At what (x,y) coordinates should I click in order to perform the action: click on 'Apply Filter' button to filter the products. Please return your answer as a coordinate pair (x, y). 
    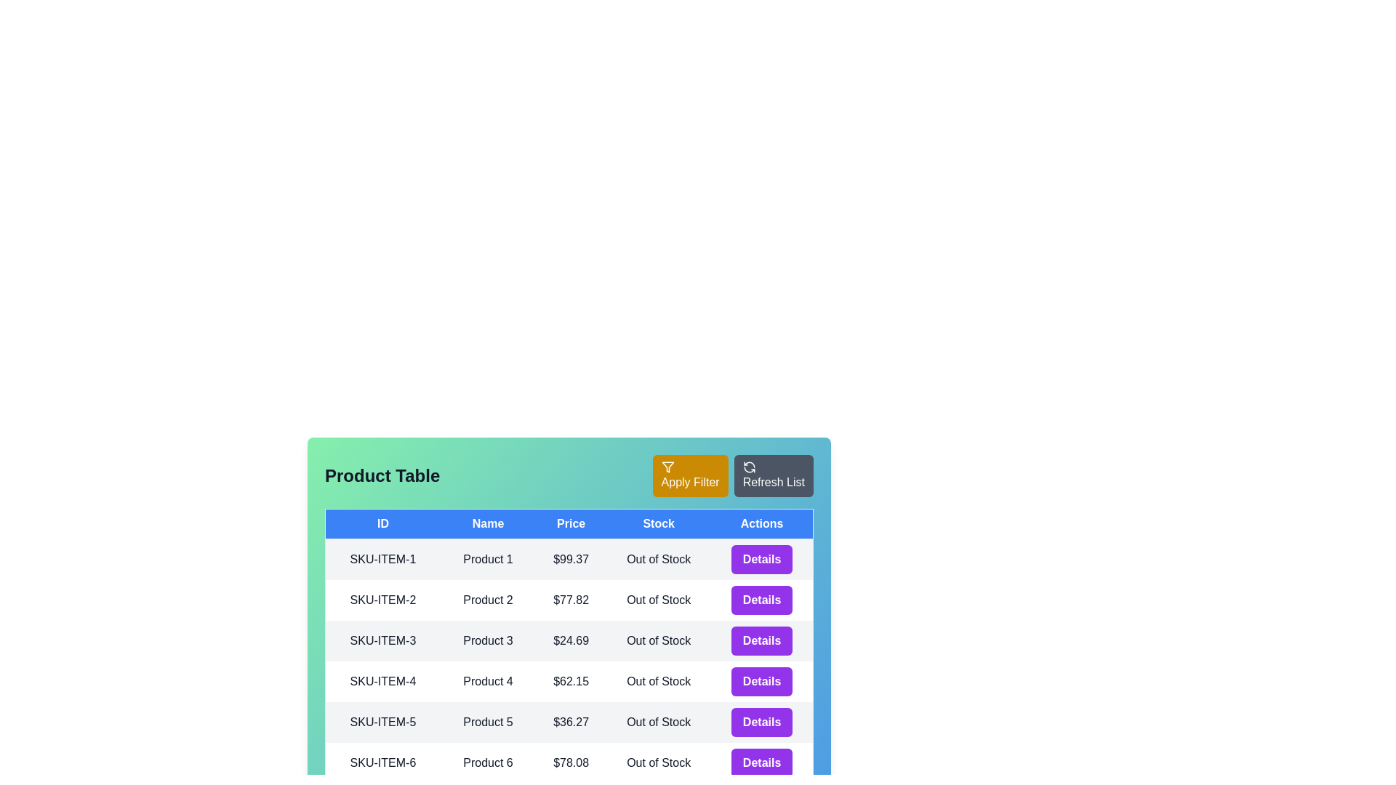
    Looking at the image, I should click on (689, 476).